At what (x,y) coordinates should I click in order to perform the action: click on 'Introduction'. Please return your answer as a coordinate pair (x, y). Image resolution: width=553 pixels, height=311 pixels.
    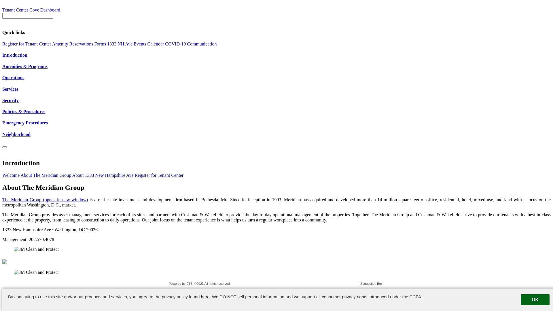
    Looking at the image, I should click on (276, 55).